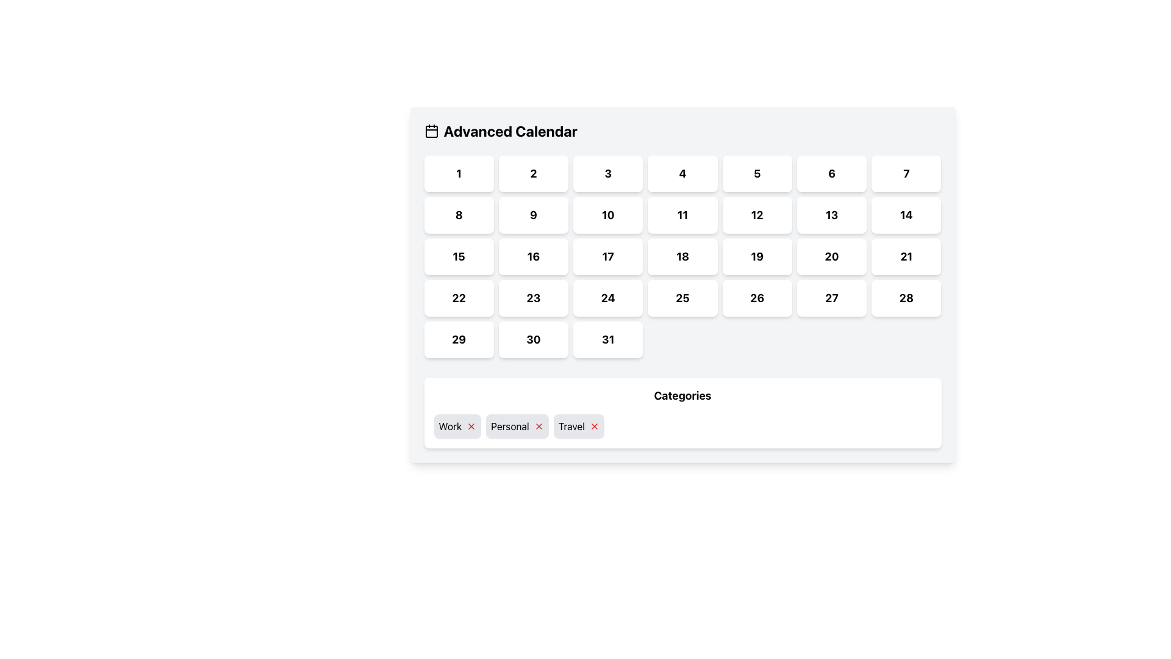  What do you see at coordinates (517, 425) in the screenshot?
I see `the red 'x' icon on the 'Personal' category tag` at bounding box center [517, 425].